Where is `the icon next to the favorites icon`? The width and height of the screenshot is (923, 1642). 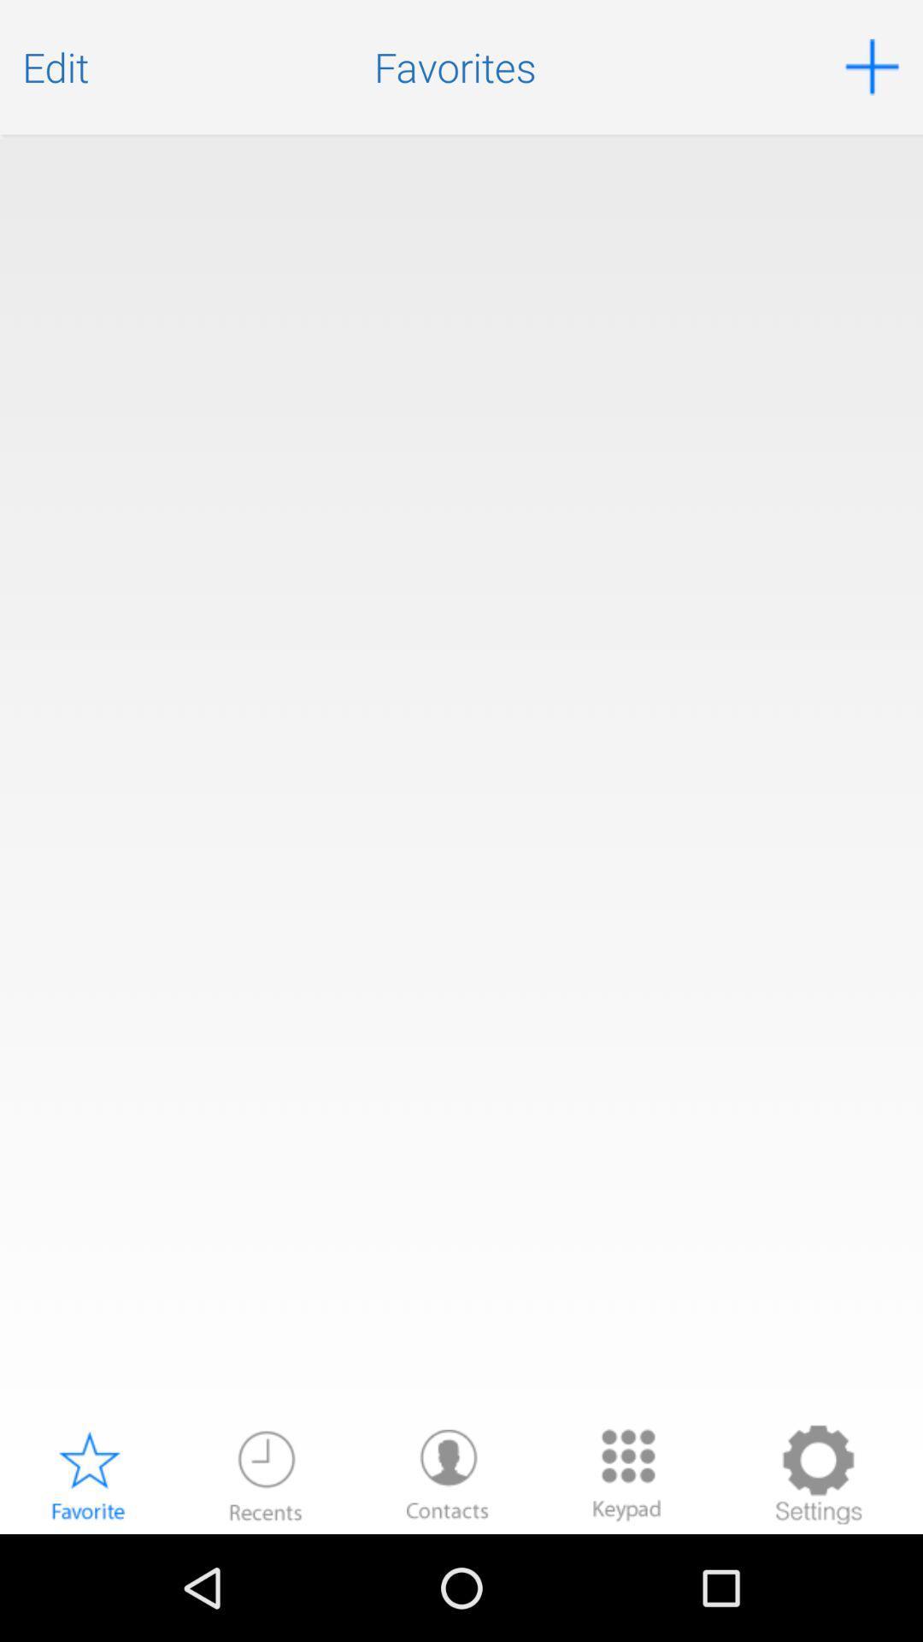 the icon next to the favorites icon is located at coordinates (55, 67).